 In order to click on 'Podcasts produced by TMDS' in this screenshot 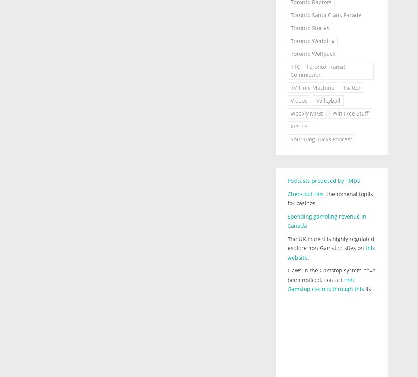, I will do `click(323, 181)`.